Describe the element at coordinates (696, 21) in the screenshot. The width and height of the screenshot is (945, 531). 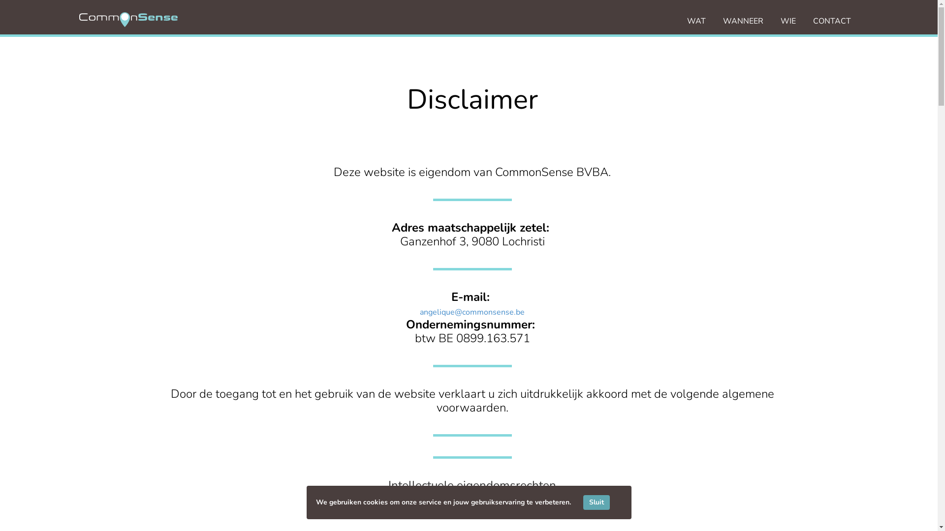
I see `'WAT'` at that location.